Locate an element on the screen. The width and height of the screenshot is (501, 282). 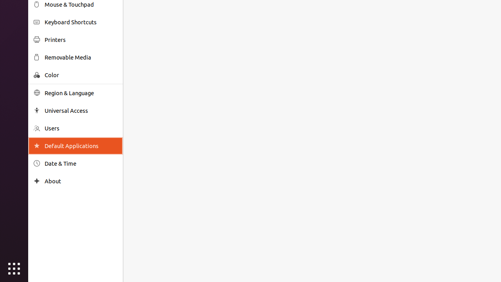
'Removable Media' is located at coordinates (81, 57).